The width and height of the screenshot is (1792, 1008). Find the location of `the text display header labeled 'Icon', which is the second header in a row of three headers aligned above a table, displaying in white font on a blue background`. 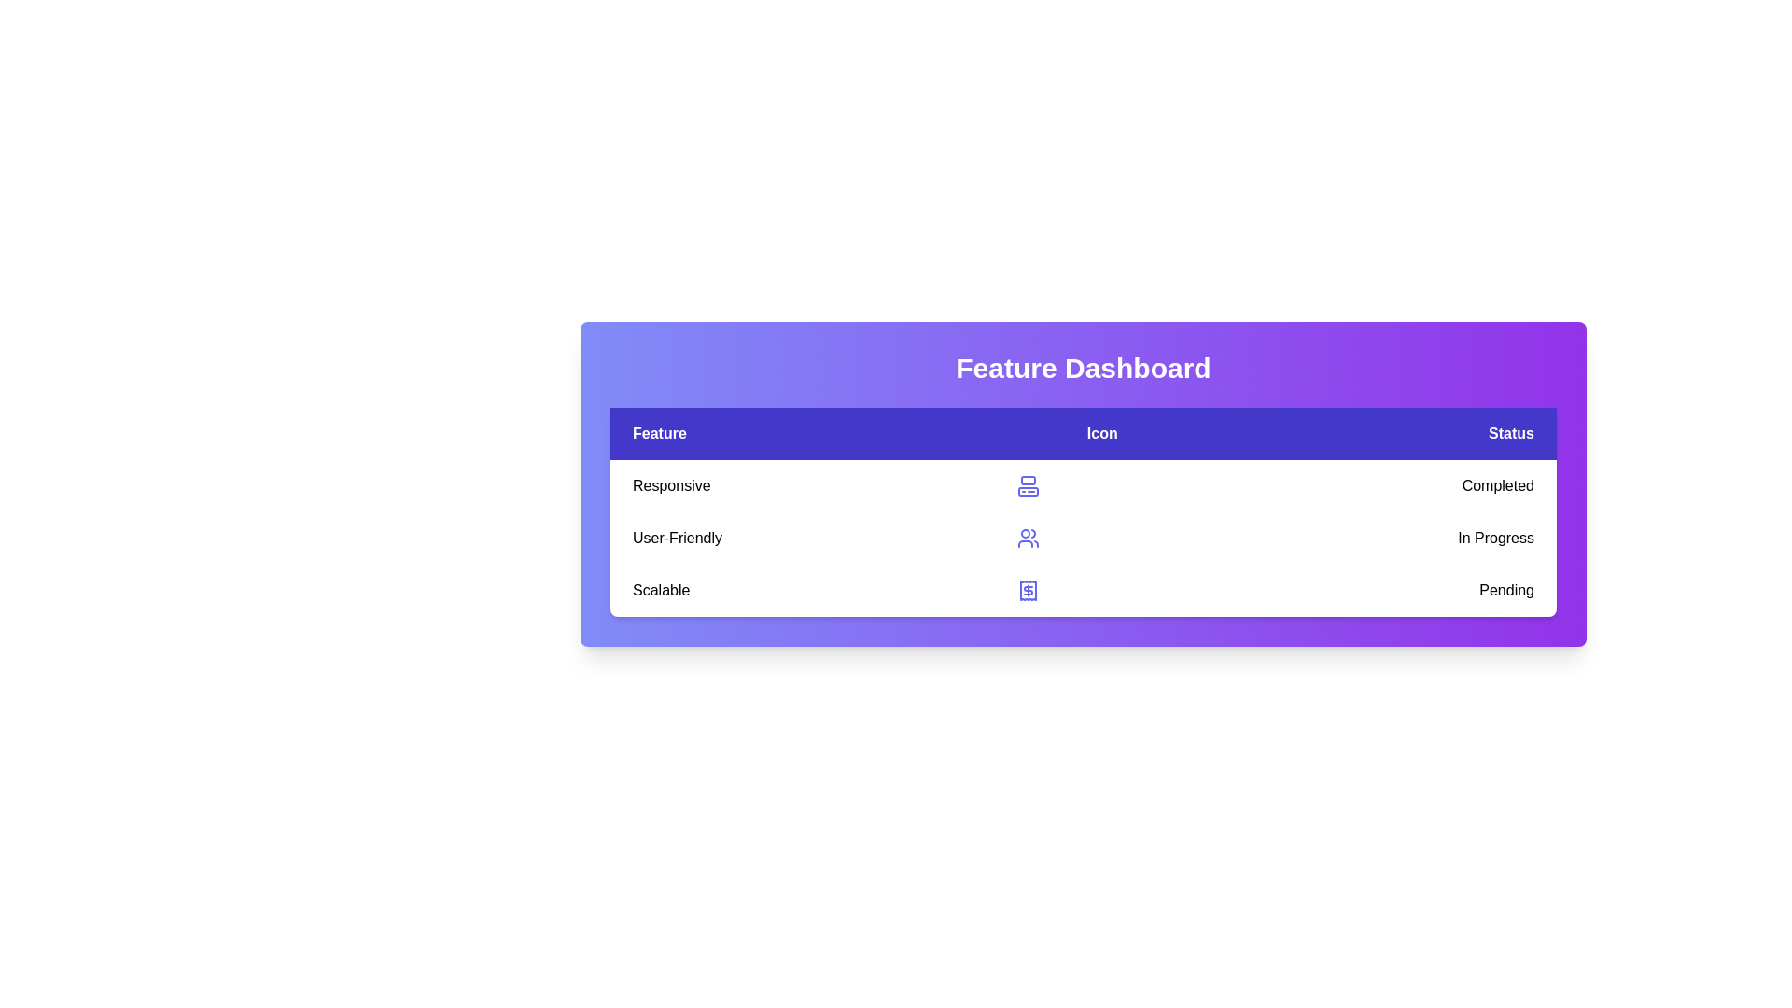

the text display header labeled 'Icon', which is the second header in a row of three headers aligned above a table, displaying in white font on a blue background is located at coordinates (1102, 434).